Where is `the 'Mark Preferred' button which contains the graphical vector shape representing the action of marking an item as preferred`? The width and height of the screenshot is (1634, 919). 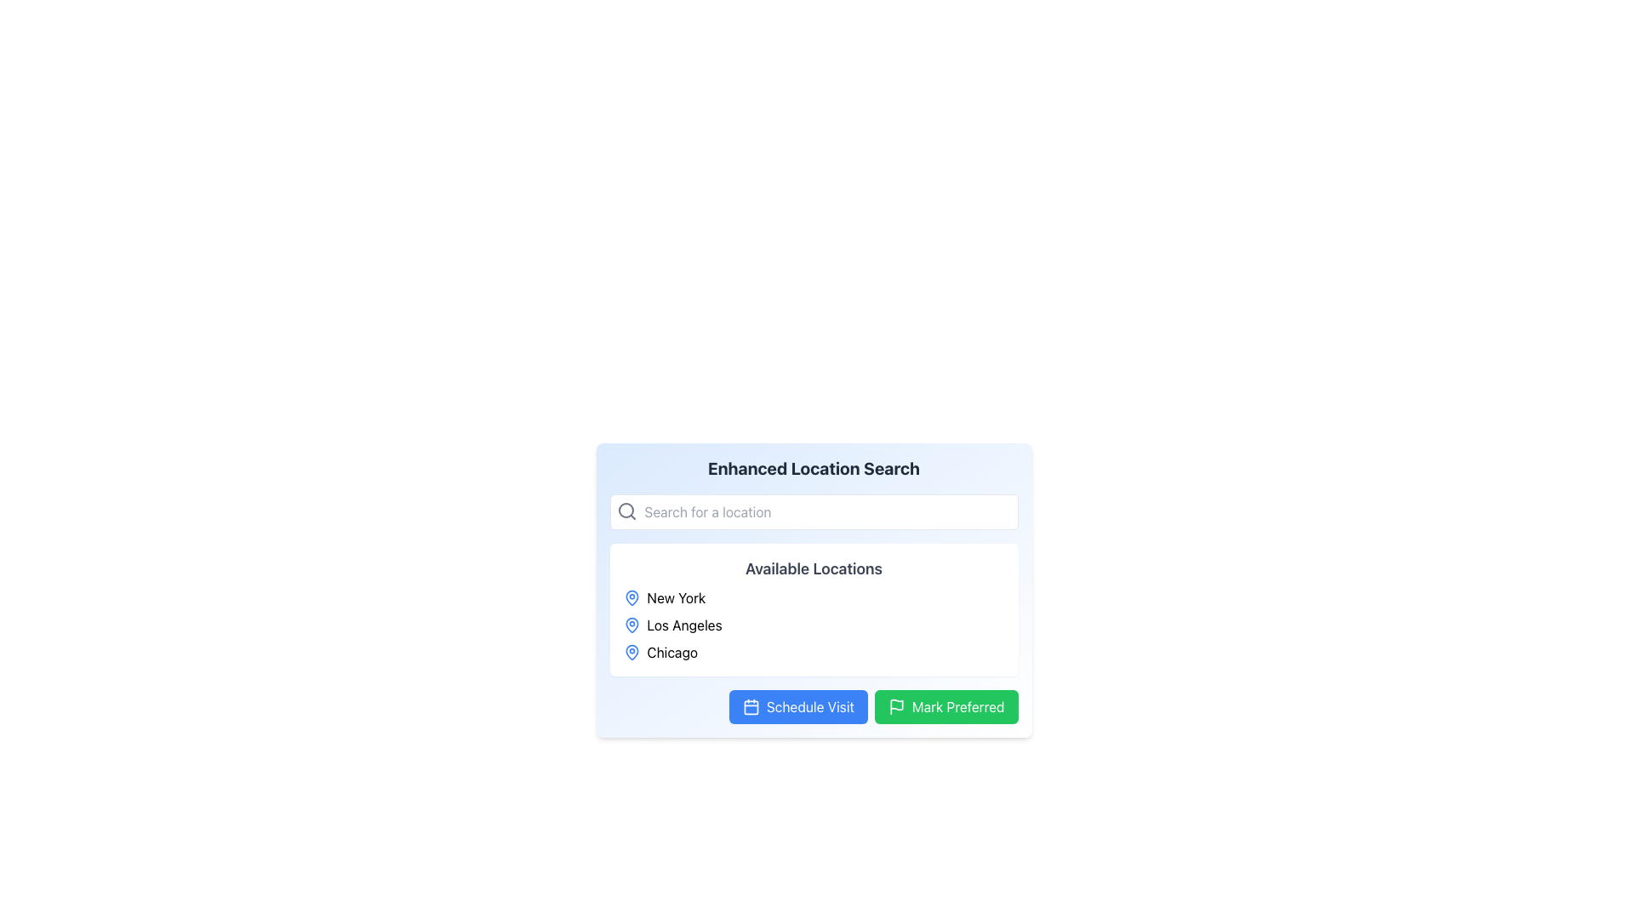 the 'Mark Preferred' button which contains the graphical vector shape representing the action of marking an item as preferred is located at coordinates (895, 705).